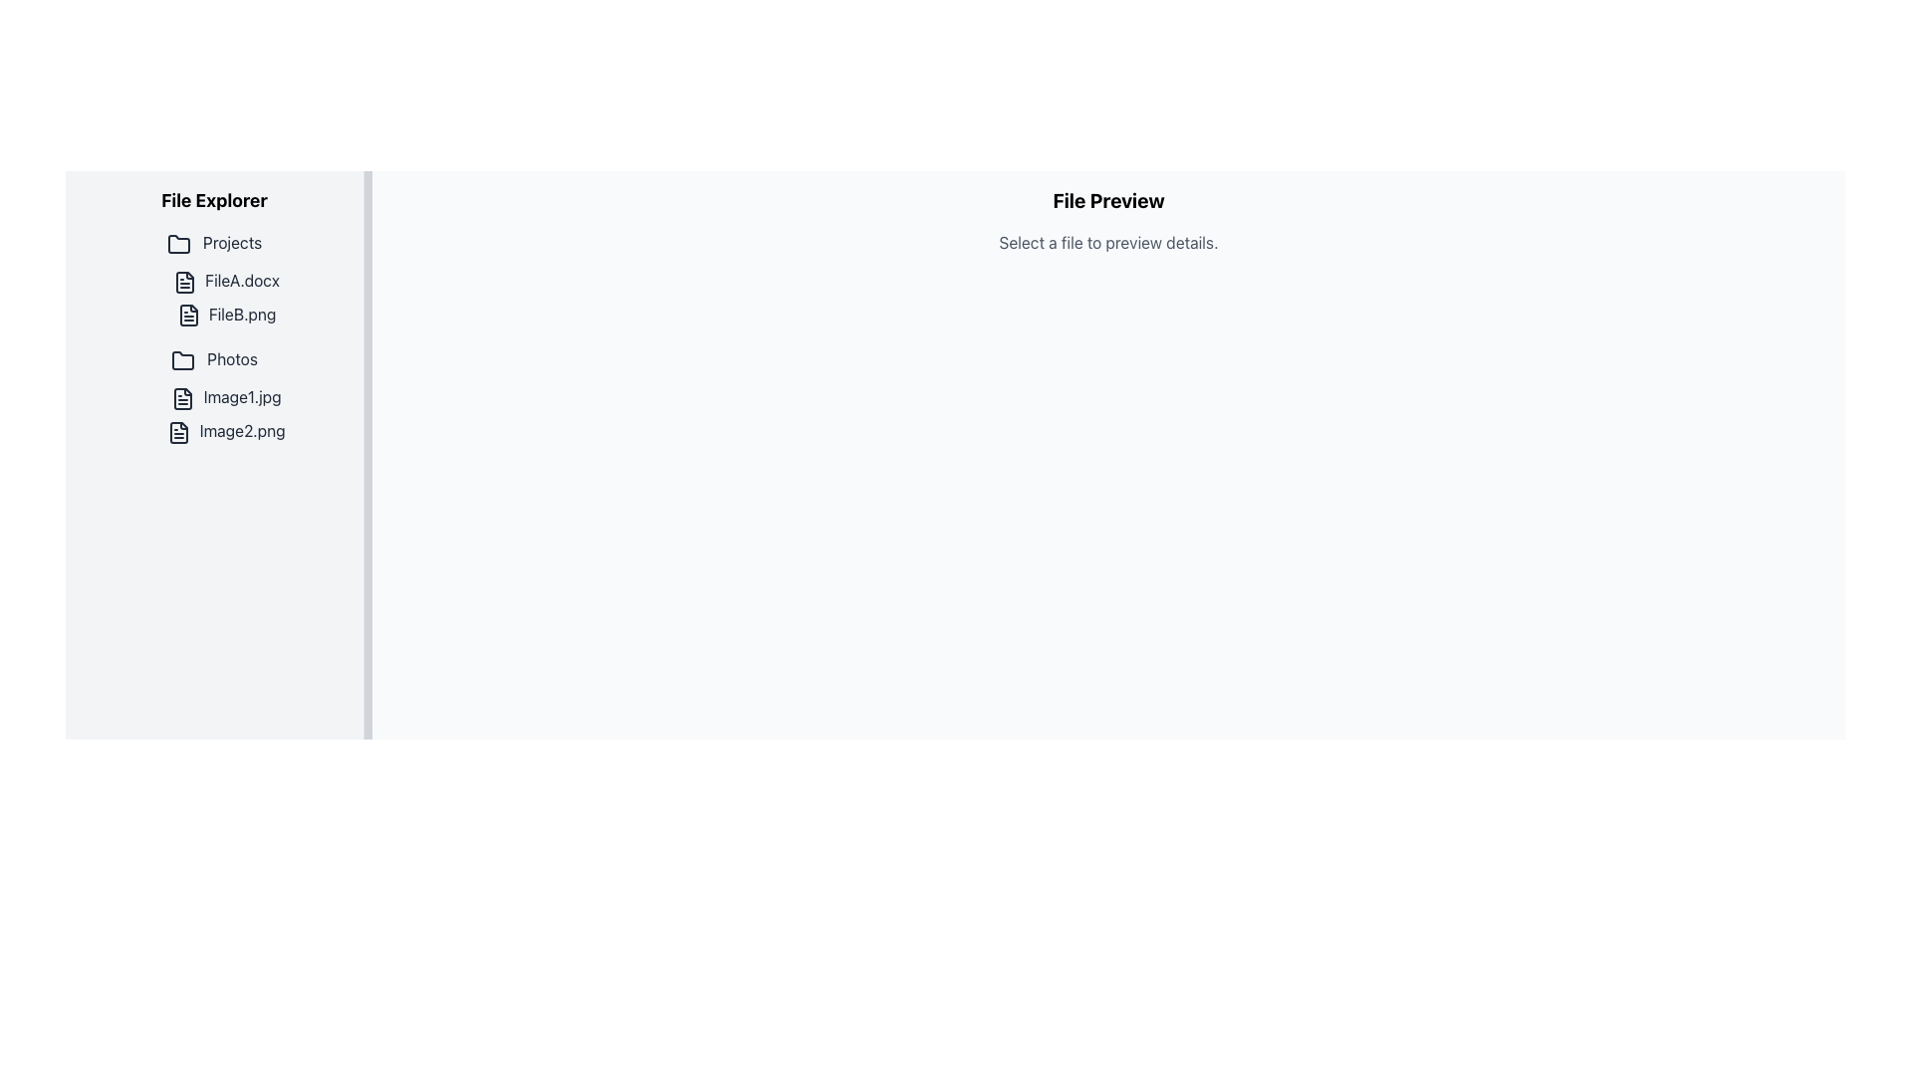 The height and width of the screenshot is (1075, 1912). I want to click on the file name 'Image1.jpg', so click(214, 413).